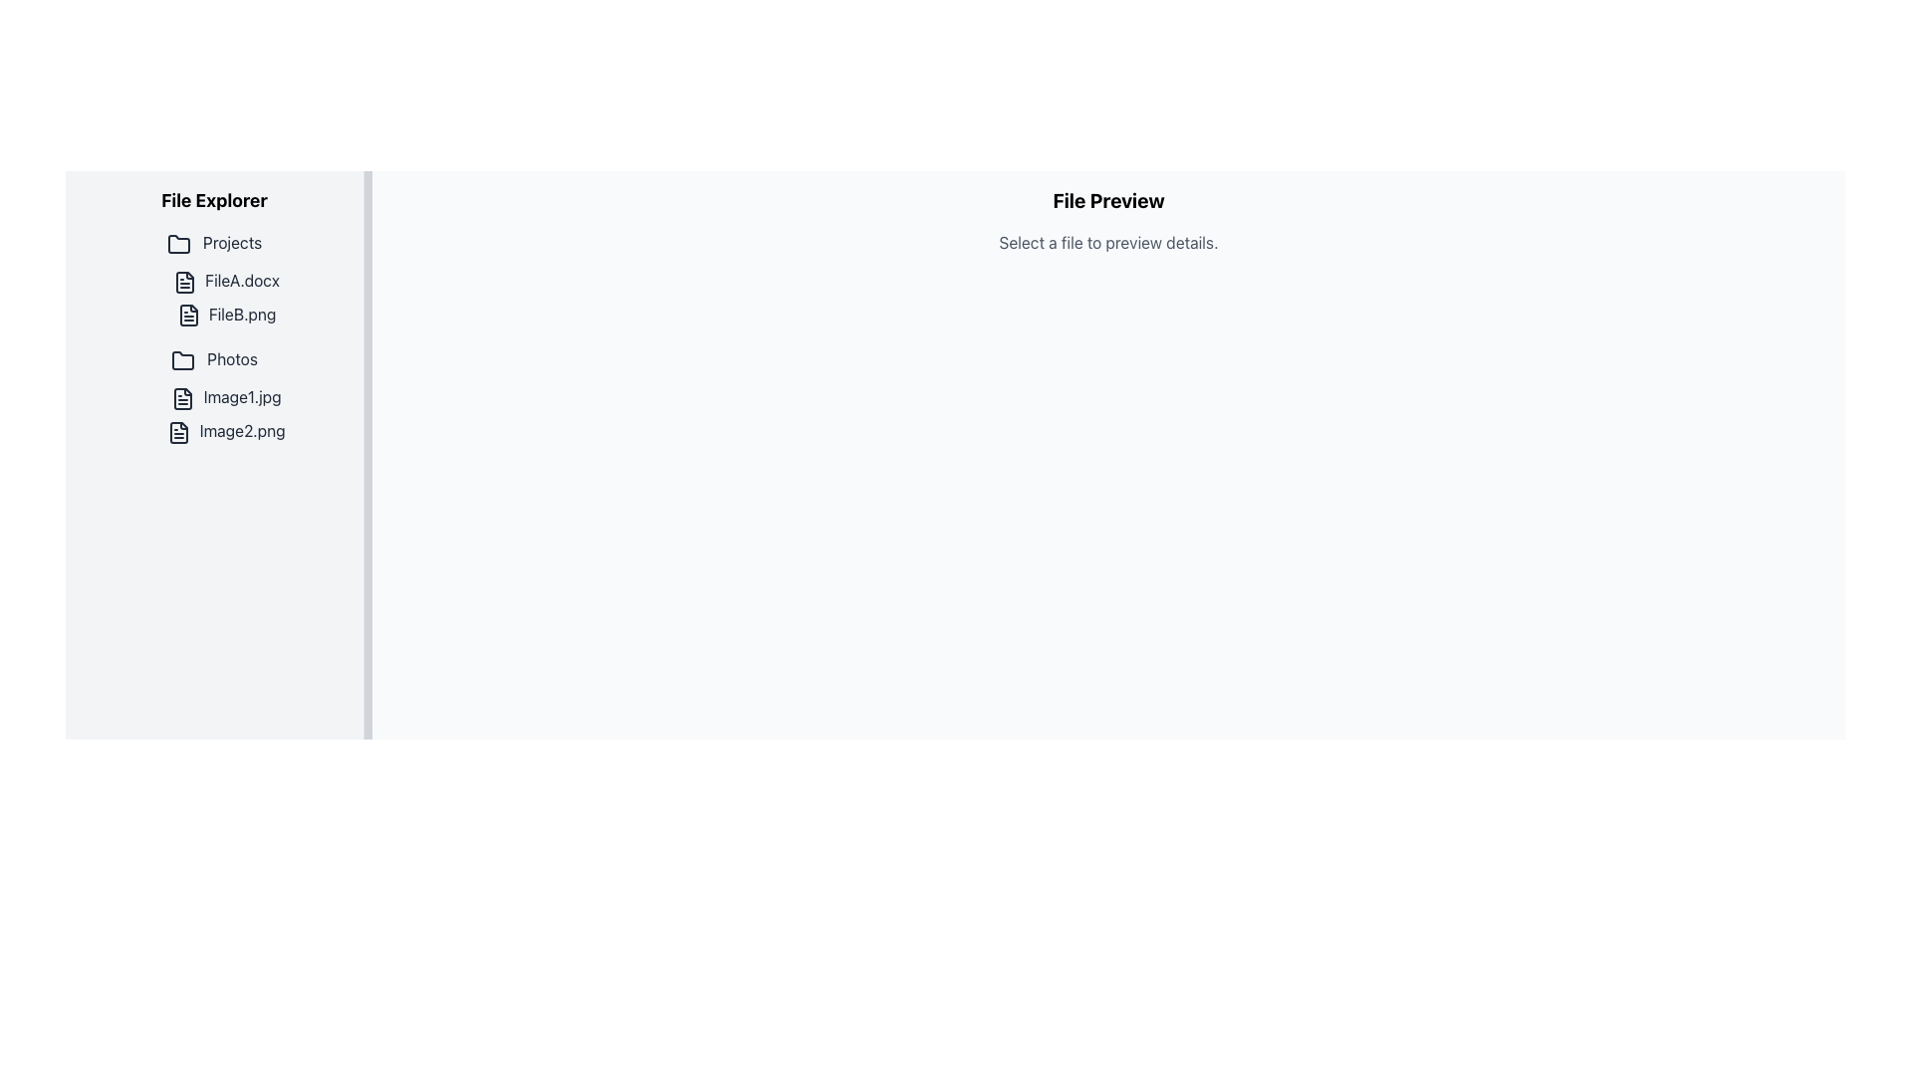 The height and width of the screenshot is (1075, 1912). I want to click on the file name 'Image1.jpg', so click(214, 413).